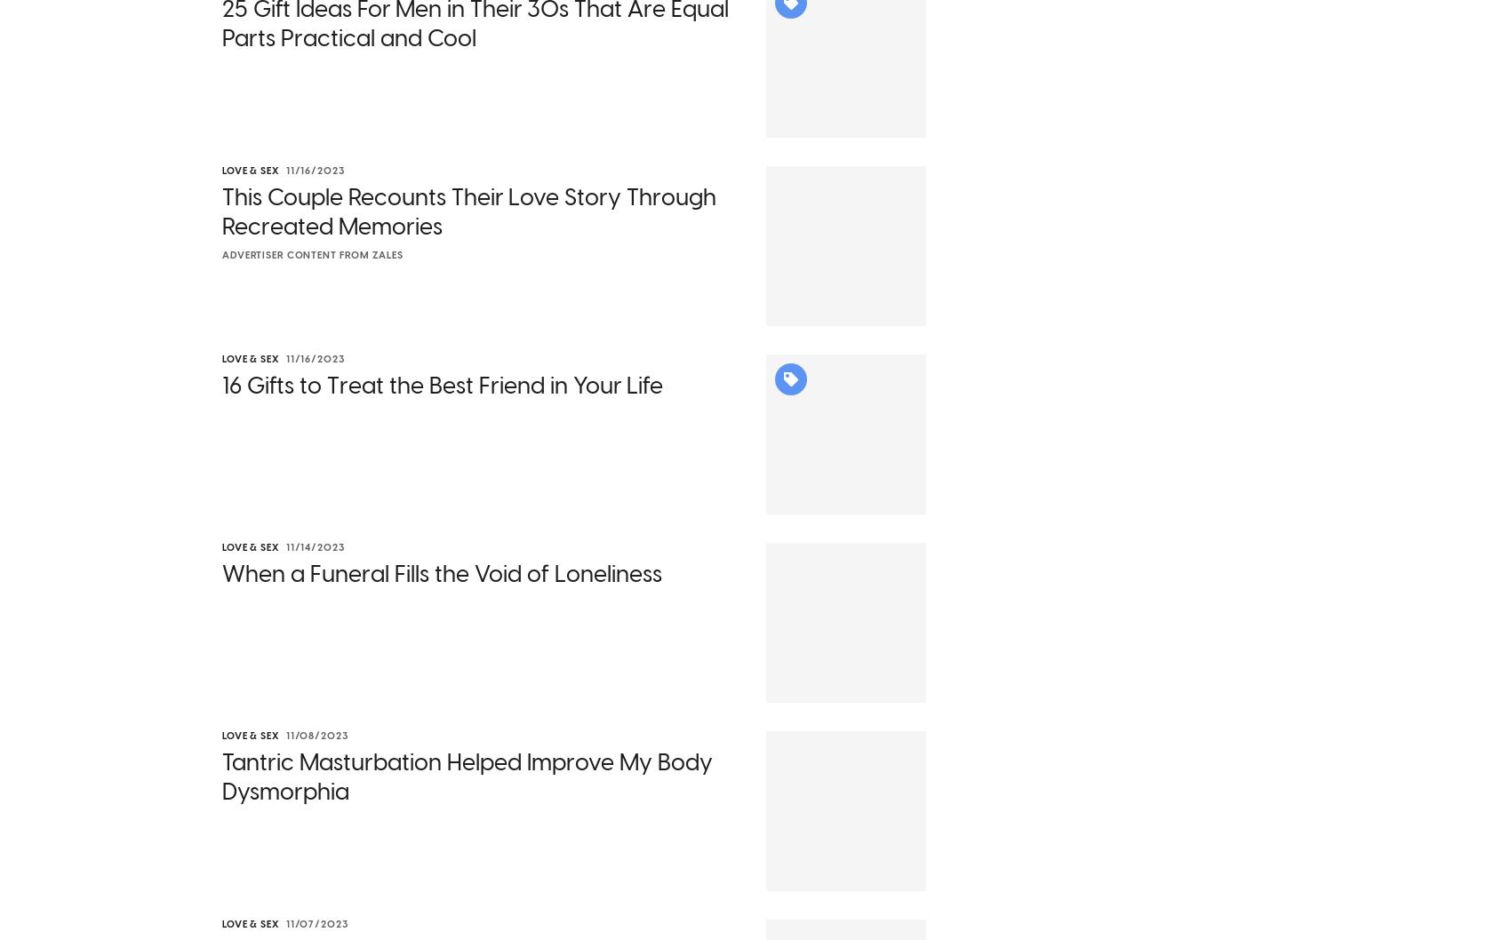 This screenshot has width=1511, height=940. I want to click on 'Tantric Masturbation Helped Improve My Body Dysmorphia', so click(222, 780).